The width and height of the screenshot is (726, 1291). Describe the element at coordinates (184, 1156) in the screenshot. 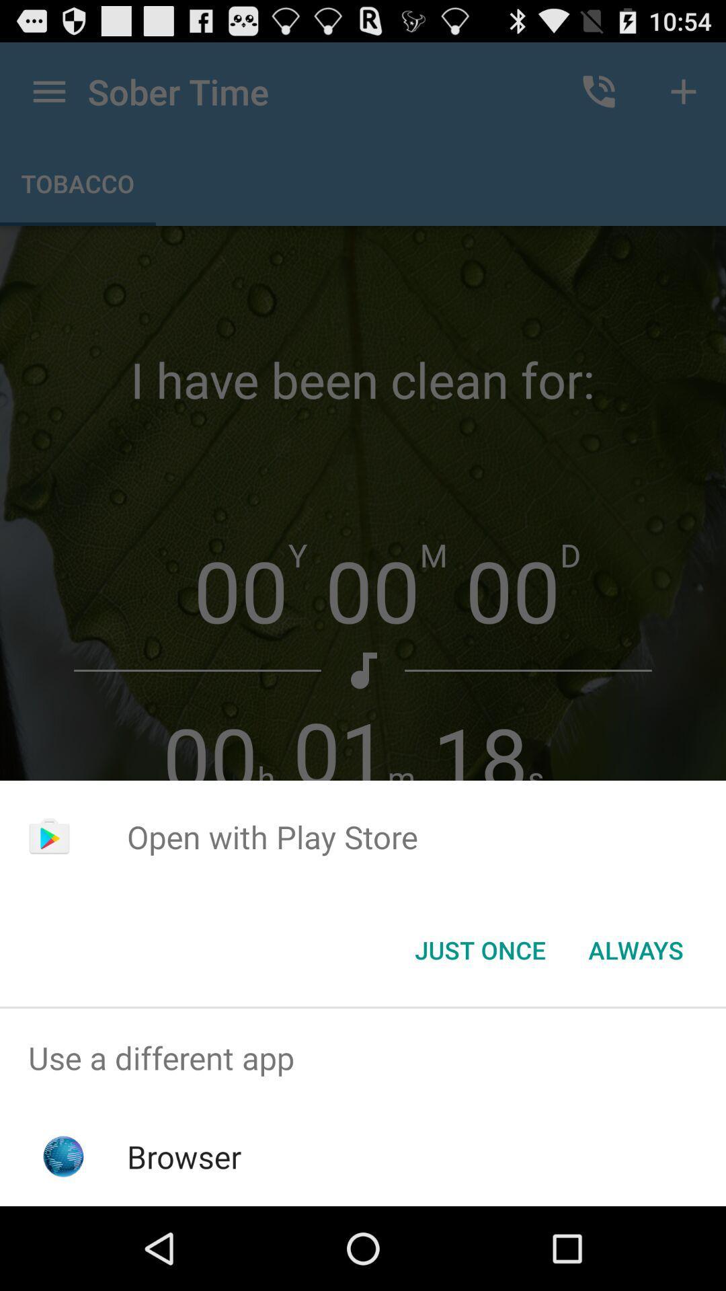

I see `the browser app` at that location.